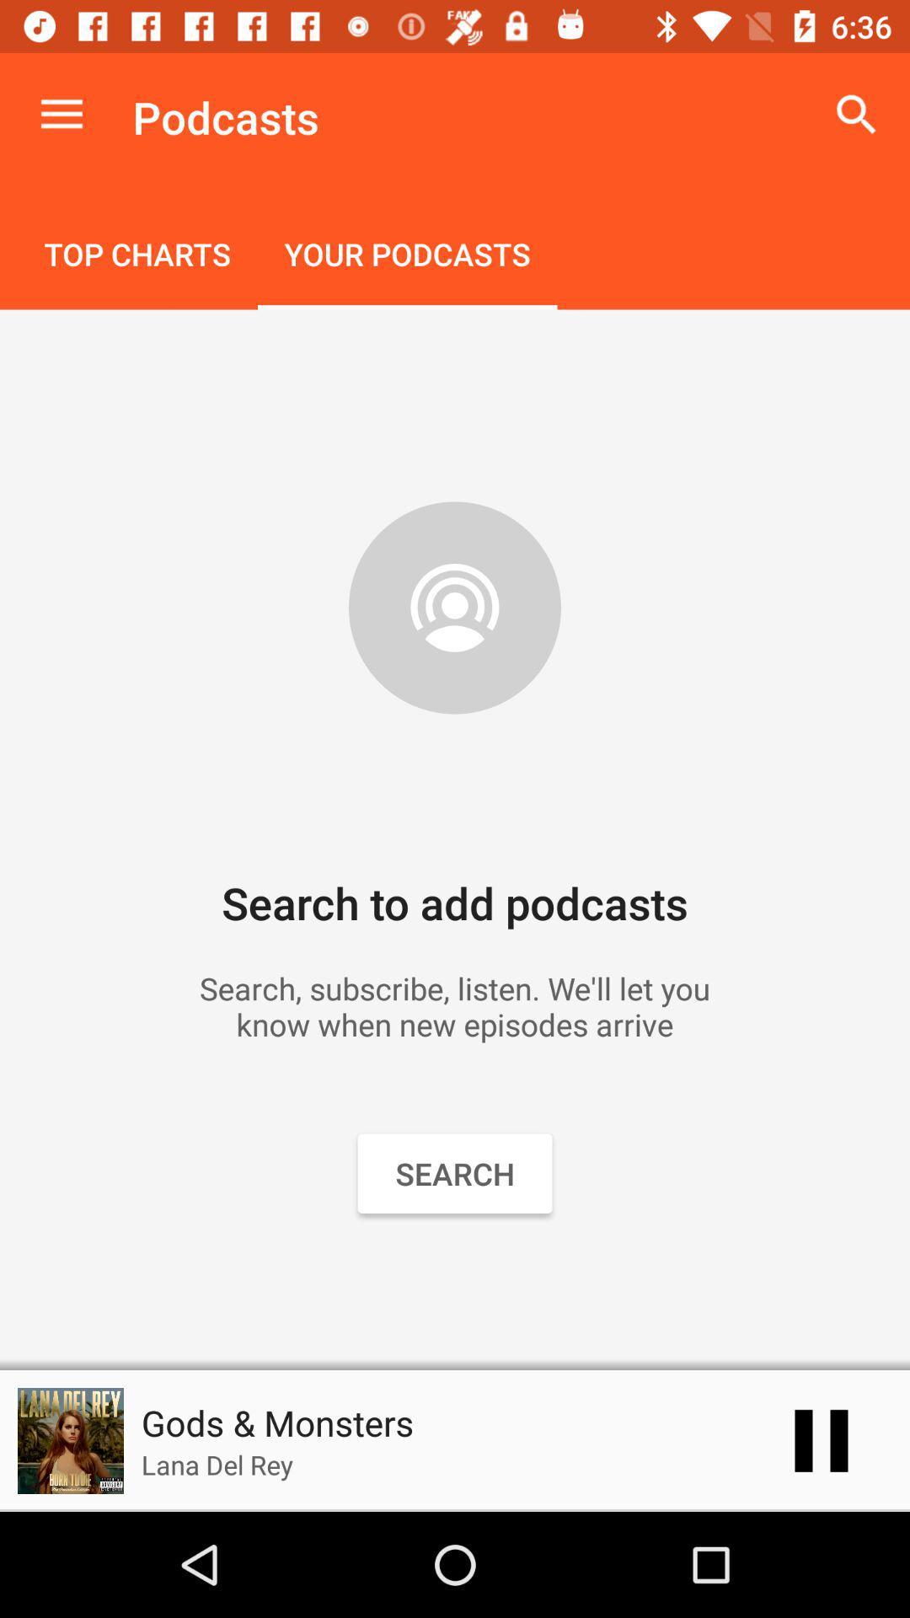 Image resolution: width=910 pixels, height=1618 pixels. What do you see at coordinates (61, 114) in the screenshot?
I see `the item next to the podcasts` at bounding box center [61, 114].